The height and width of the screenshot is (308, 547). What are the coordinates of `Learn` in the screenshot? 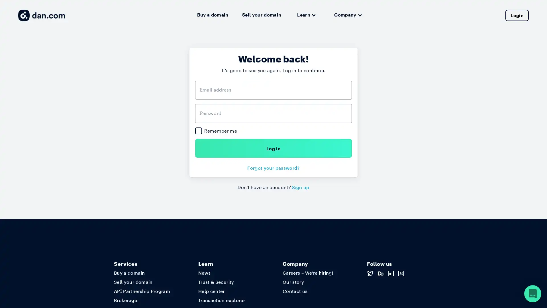 It's located at (306, 15).